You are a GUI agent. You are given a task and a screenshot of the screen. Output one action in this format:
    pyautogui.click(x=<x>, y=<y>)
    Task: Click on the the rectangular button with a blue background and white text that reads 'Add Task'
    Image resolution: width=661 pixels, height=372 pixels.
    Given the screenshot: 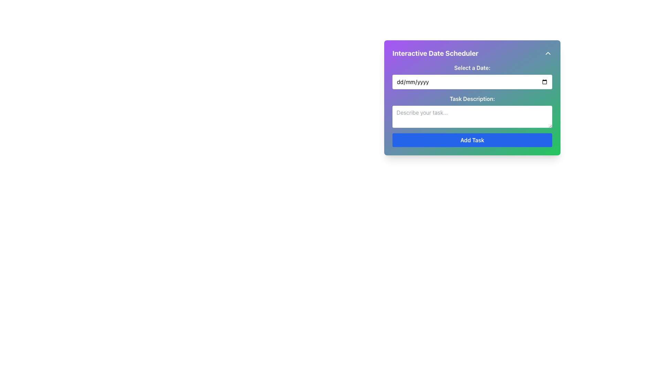 What is the action you would take?
    pyautogui.click(x=472, y=140)
    